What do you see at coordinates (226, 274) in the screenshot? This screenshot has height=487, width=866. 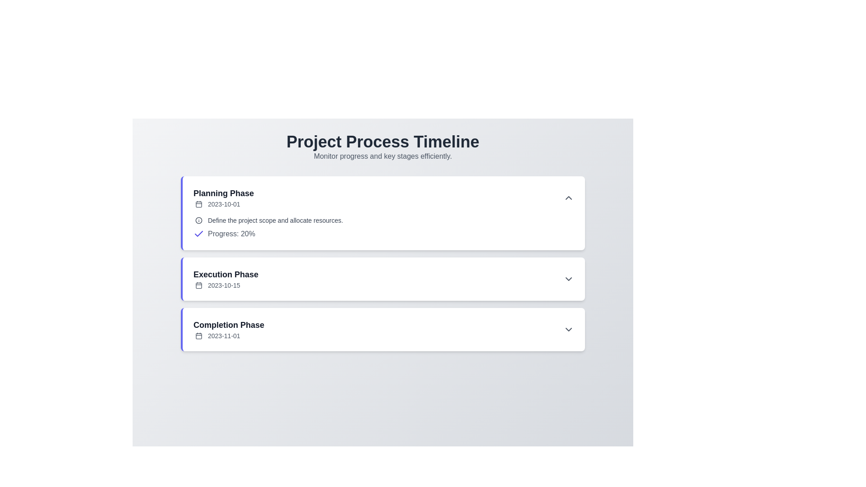 I see `text label that serves as a title for the corresponding phase in the timeline, located above the text '2023-10-15' in the second section of the interface` at bounding box center [226, 274].